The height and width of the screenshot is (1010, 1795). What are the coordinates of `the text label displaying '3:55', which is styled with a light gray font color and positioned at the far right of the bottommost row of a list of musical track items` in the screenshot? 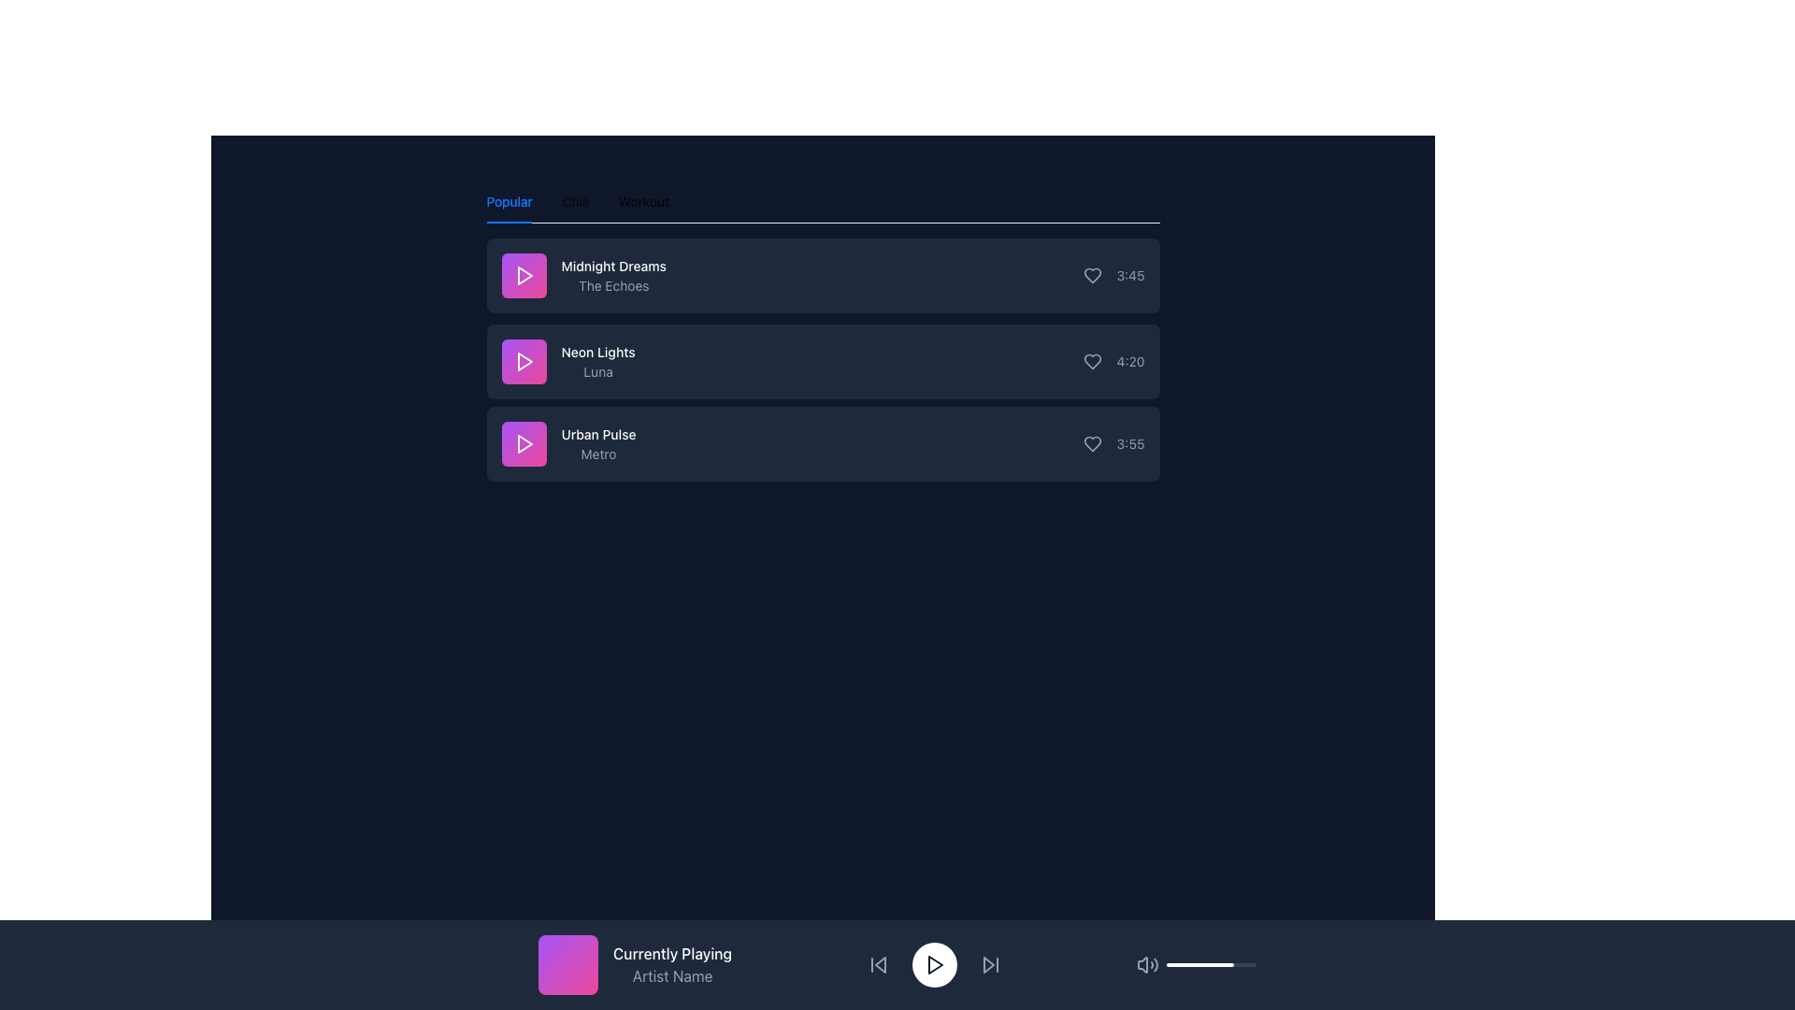 It's located at (1129, 443).